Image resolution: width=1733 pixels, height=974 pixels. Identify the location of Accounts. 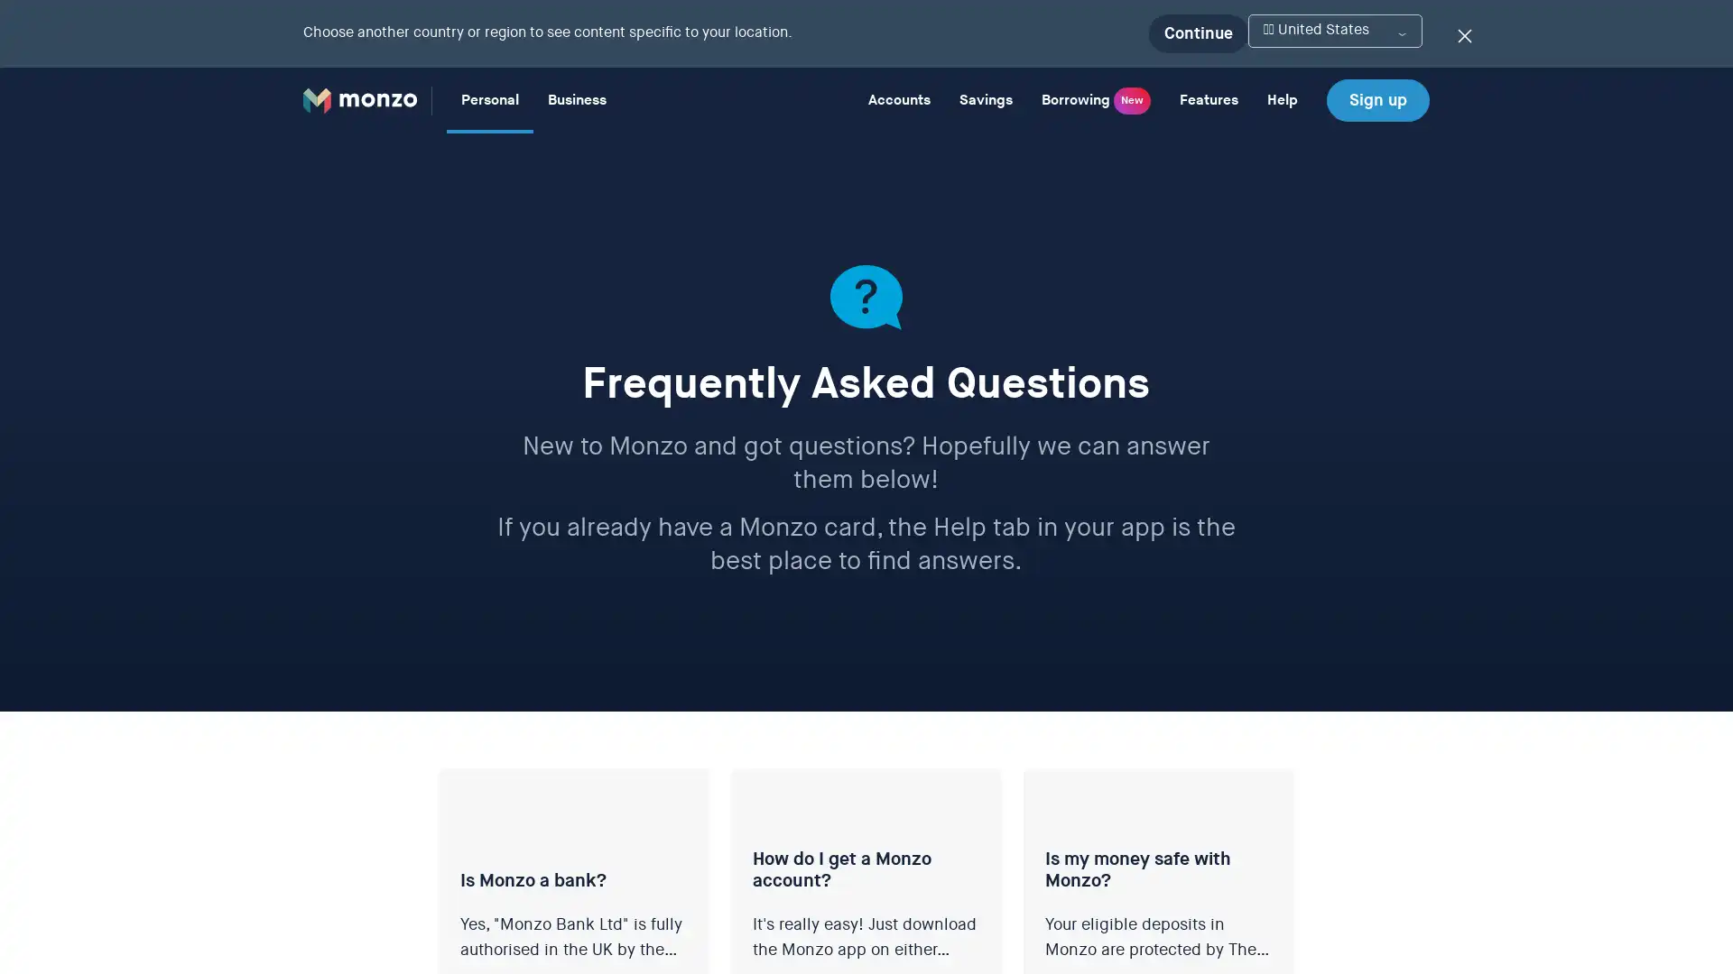
(899, 100).